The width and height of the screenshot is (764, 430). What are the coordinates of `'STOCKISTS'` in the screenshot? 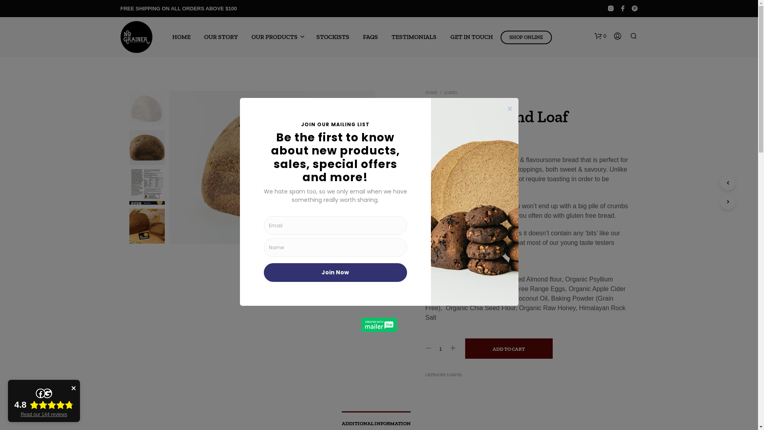 It's located at (333, 37).